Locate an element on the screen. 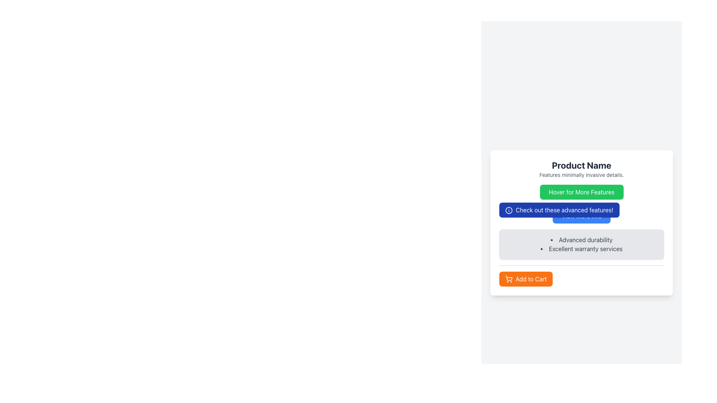 The width and height of the screenshot is (717, 403). the informational icon located within the blue tooltip directly below the green button labeled 'Hover for More Features', positioned to the left of the tooltip's text content is located at coordinates (509, 210).